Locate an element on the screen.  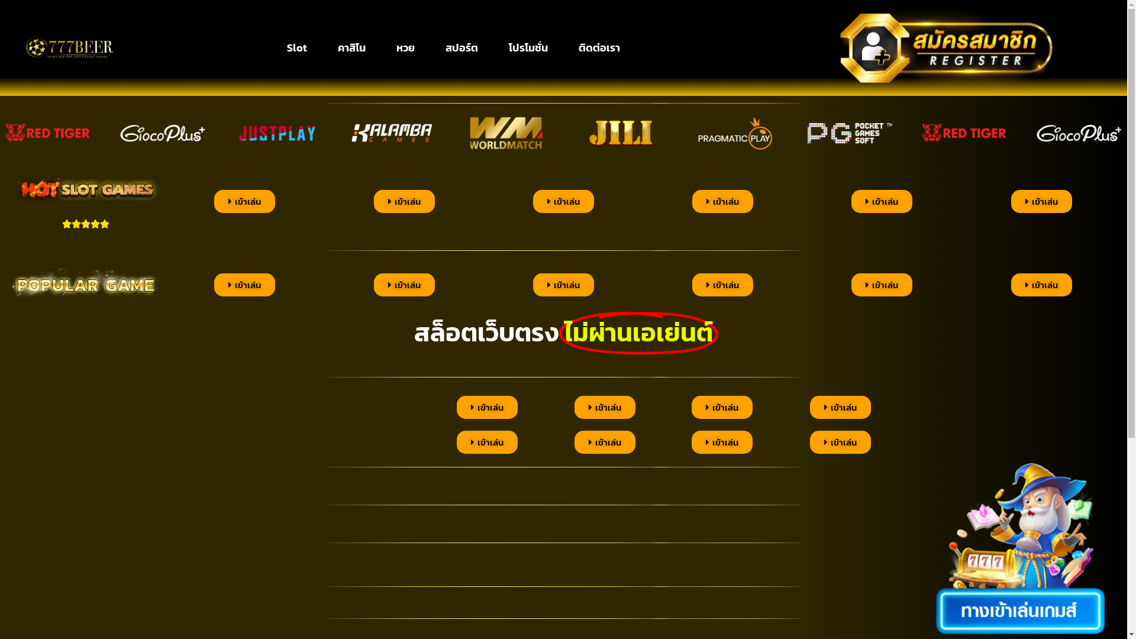
'Slot' is located at coordinates (297, 47).